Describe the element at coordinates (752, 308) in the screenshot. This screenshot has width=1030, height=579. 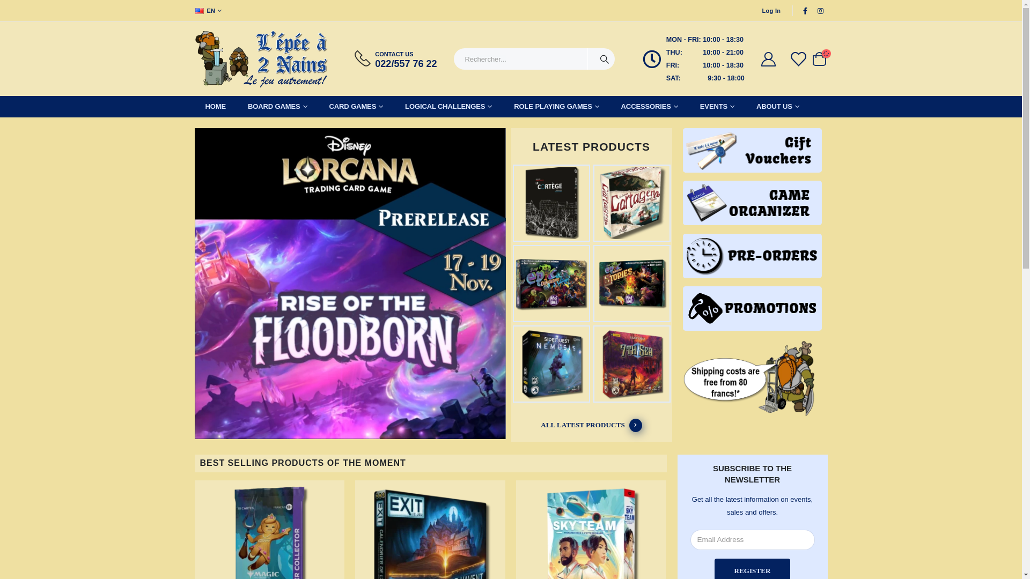
I see `'Promotions'` at that location.